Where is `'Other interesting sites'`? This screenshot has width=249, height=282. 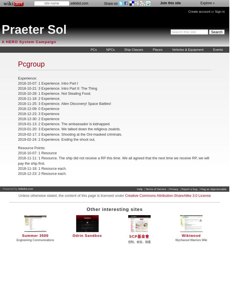 'Other interesting sites' is located at coordinates (114, 209).